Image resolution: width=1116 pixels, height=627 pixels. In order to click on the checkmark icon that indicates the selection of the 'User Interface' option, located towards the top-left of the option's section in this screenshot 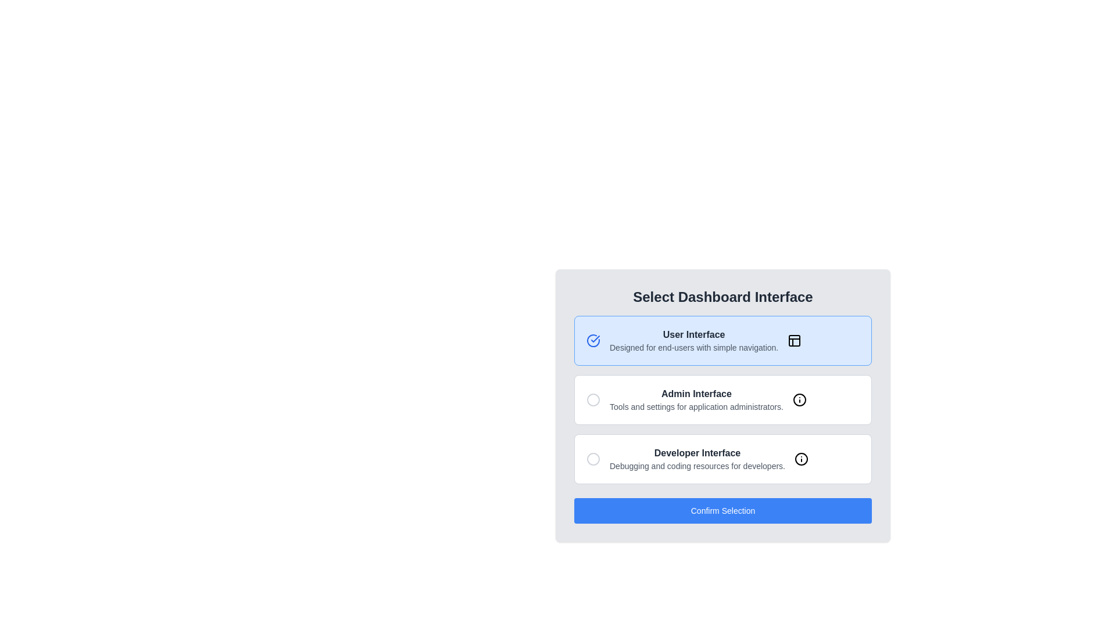, I will do `click(595, 338)`.